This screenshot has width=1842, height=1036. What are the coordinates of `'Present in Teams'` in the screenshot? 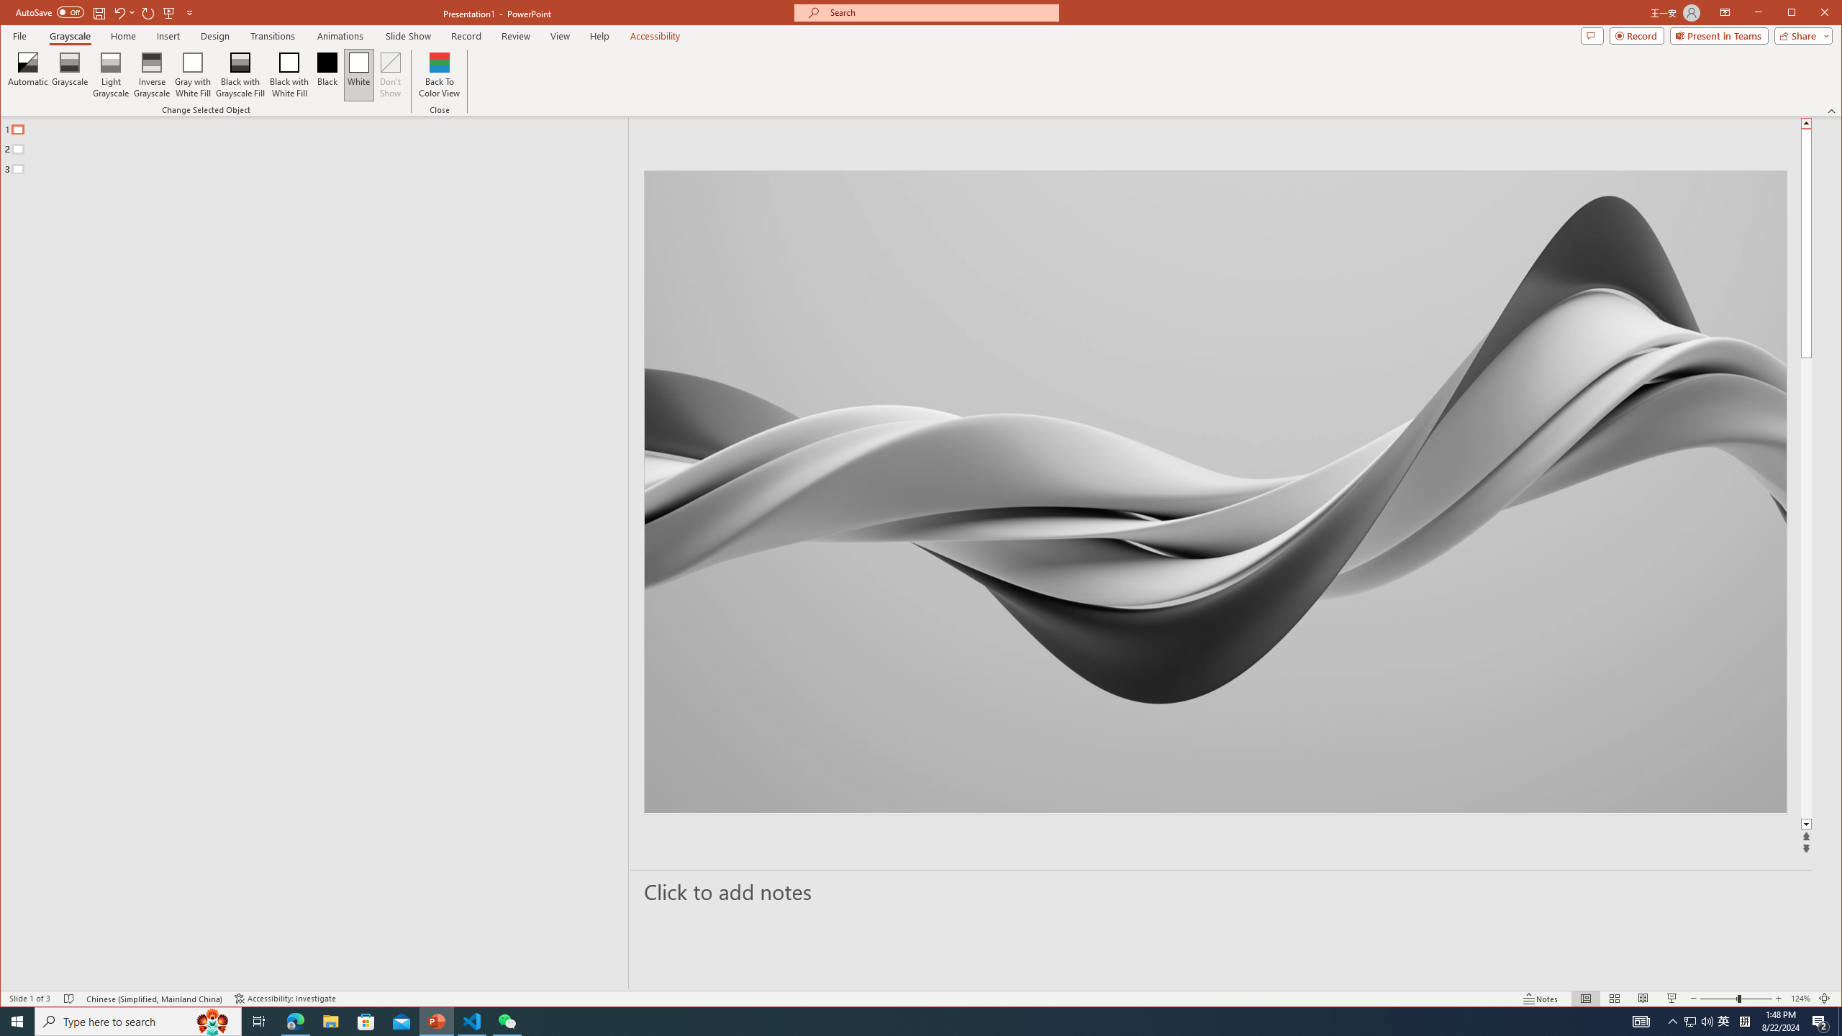 It's located at (1718, 35).